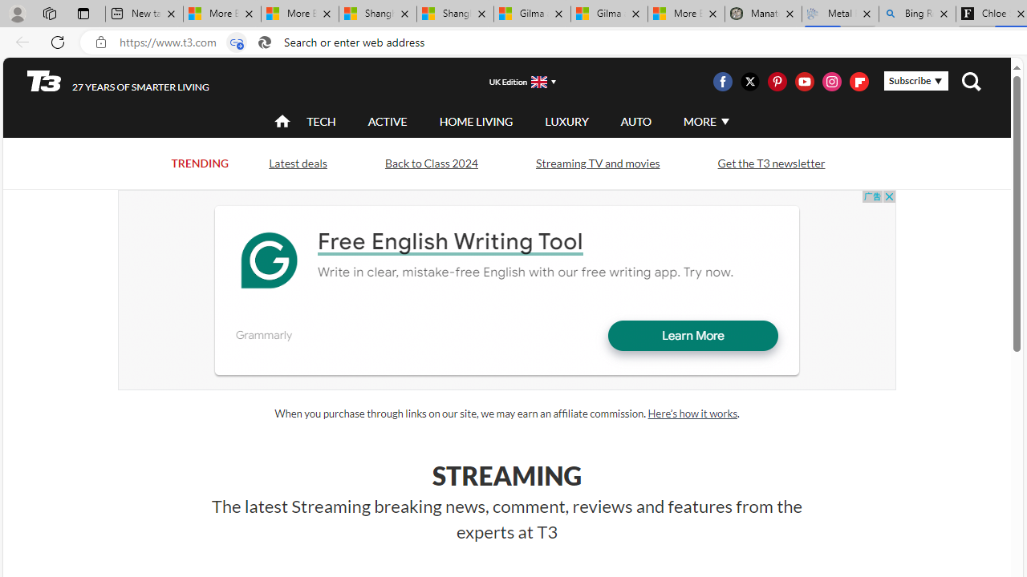 This screenshot has height=577, width=1027. I want to click on 'Class: navigation__search', so click(970, 81).